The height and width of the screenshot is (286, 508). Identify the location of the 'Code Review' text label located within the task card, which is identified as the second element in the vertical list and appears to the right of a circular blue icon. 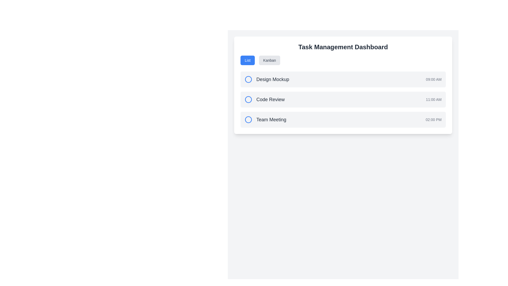
(265, 99).